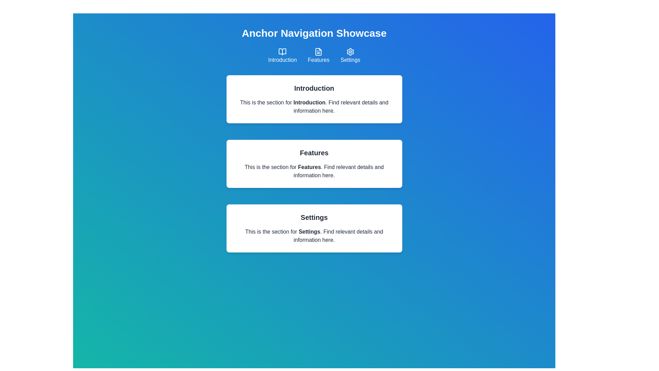 This screenshot has width=659, height=371. Describe the element at coordinates (350, 51) in the screenshot. I see `the gear icon in the top-right section of the navigation bar to initiate navigation to the settings options` at that location.